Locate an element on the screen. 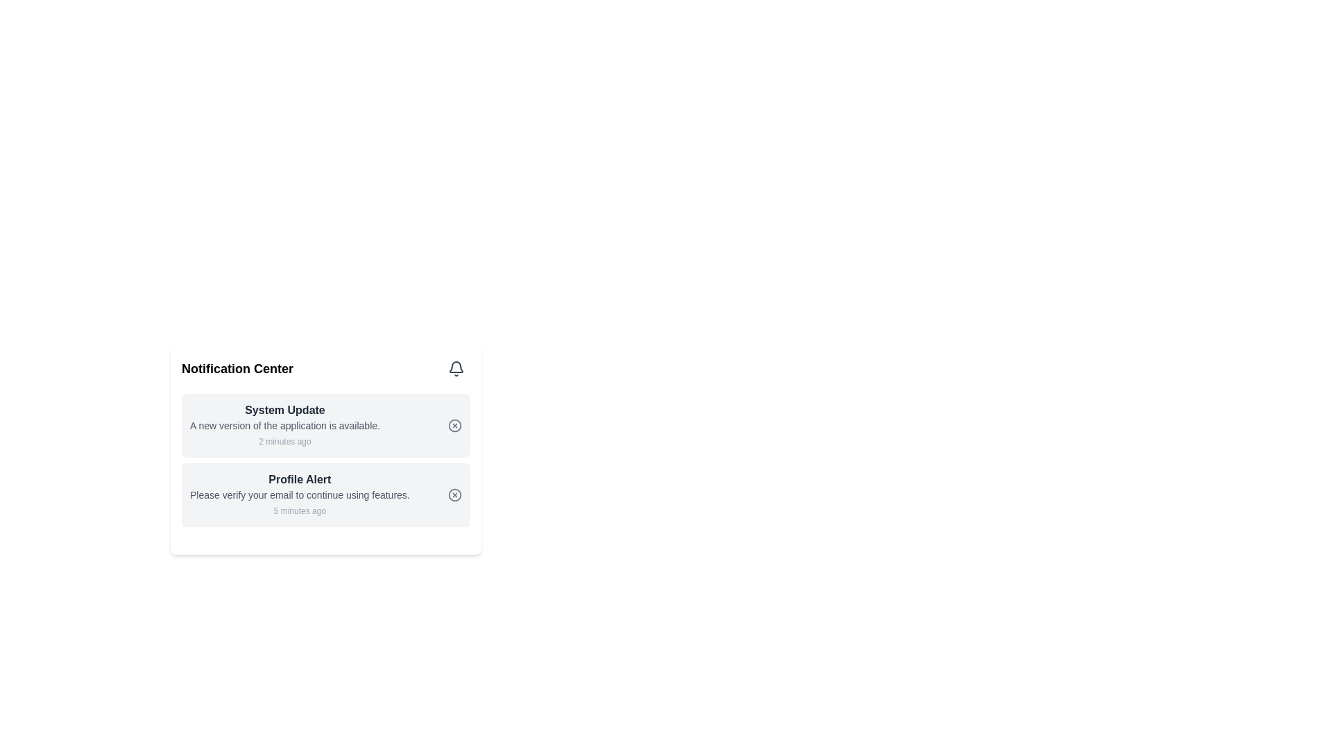 The image size is (1332, 749). the timestamp text label that indicates when the event occurred, positioned below the message 'Please verify your email to continue using features.' is located at coordinates (299, 510).